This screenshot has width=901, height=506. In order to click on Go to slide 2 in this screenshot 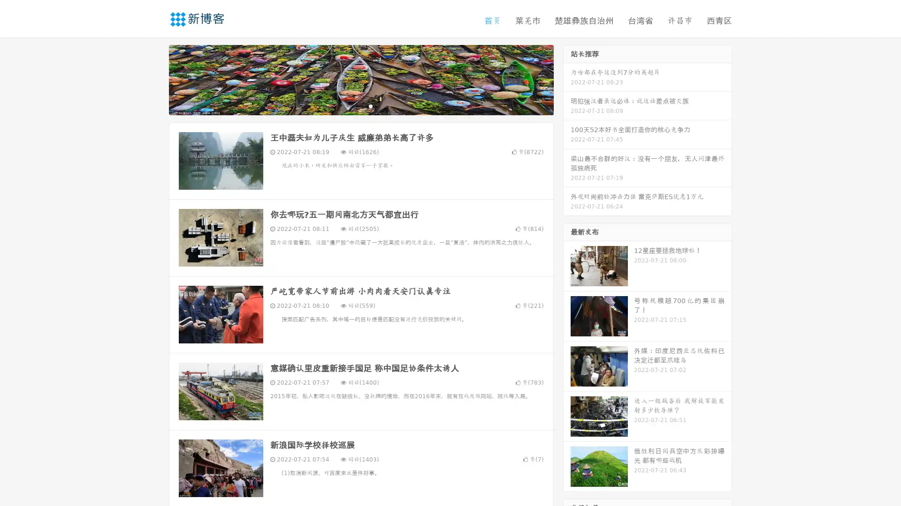, I will do `click(360, 105)`.